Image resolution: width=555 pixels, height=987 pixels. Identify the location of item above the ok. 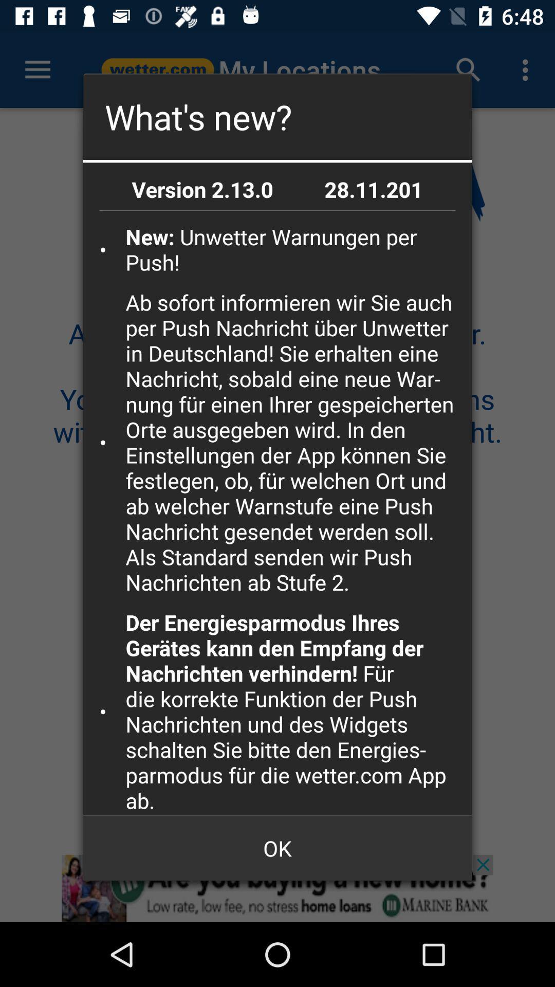
(295, 710).